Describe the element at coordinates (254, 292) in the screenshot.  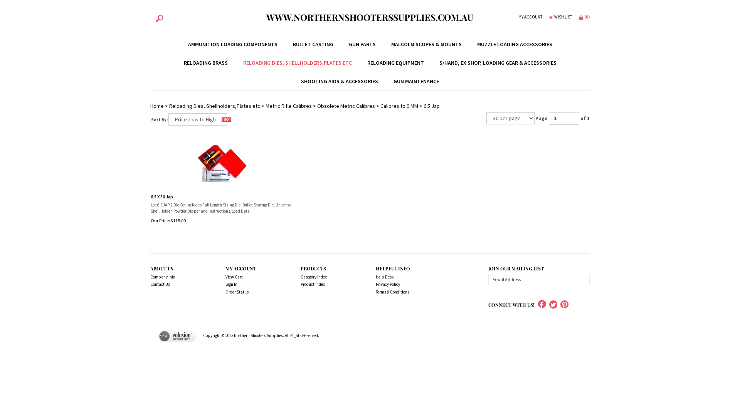
I see `'Order Status'` at that location.